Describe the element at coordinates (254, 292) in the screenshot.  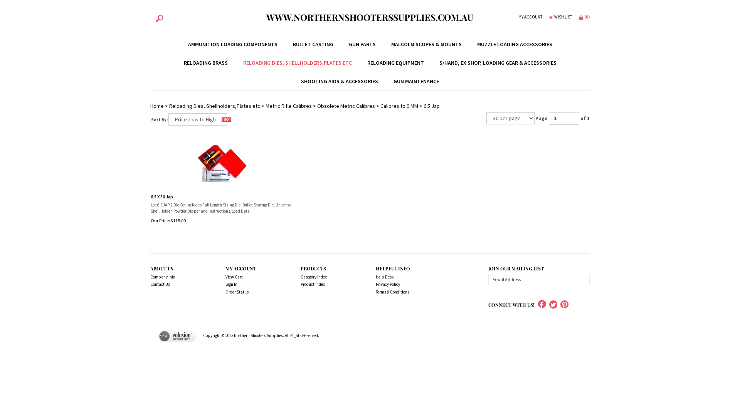
I see `'Order Status'` at that location.